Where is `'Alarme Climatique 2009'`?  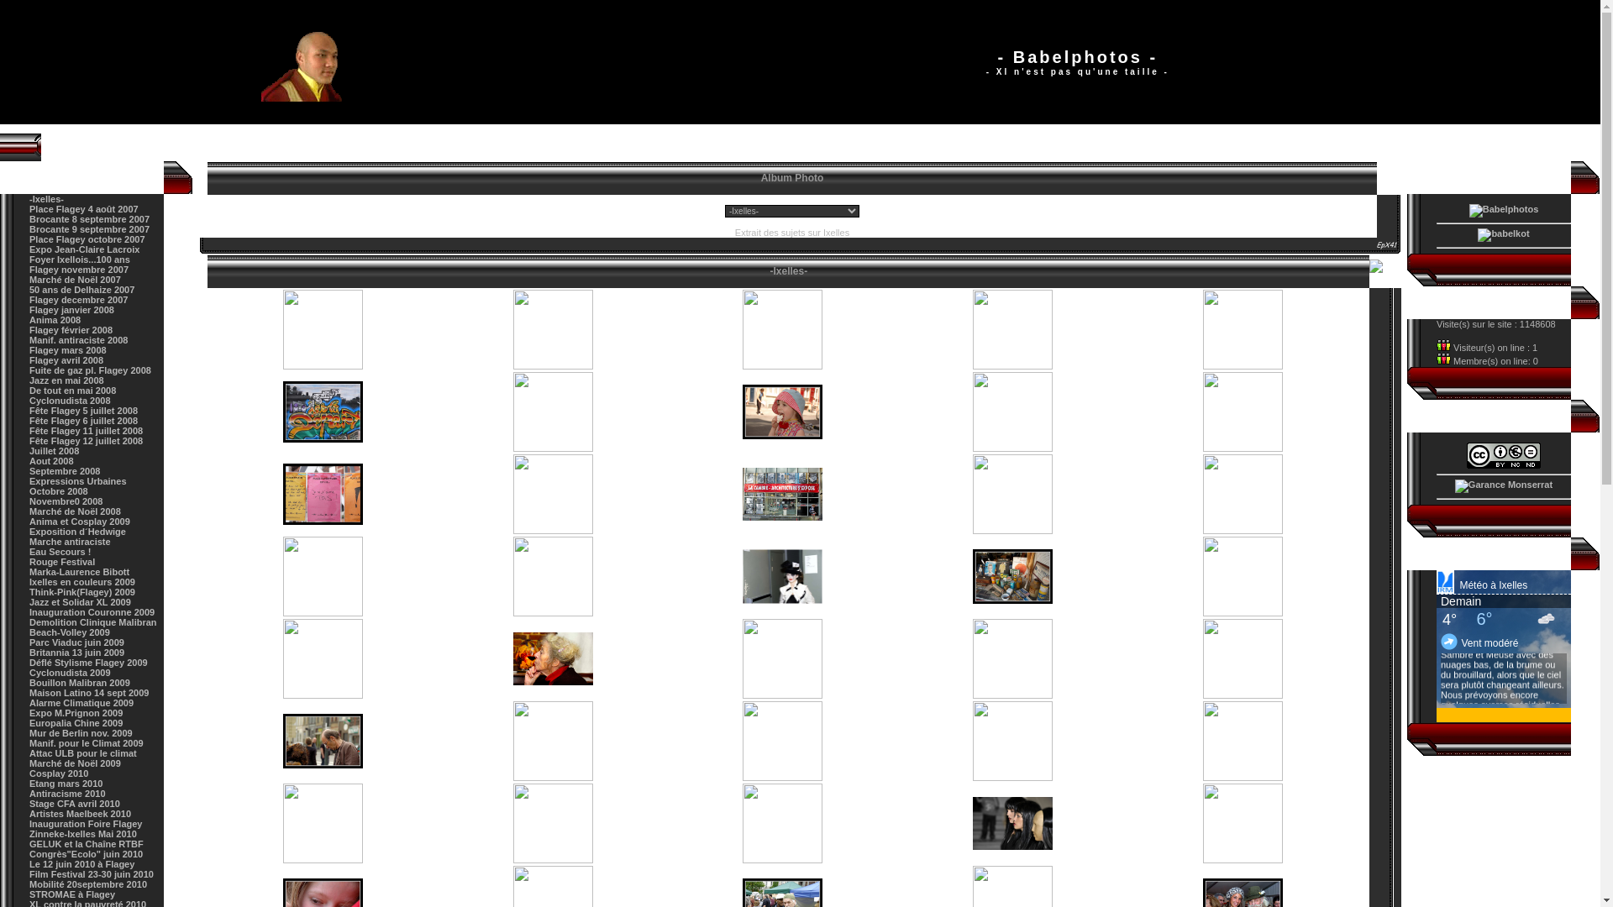 'Alarme Climatique 2009' is located at coordinates (80, 703).